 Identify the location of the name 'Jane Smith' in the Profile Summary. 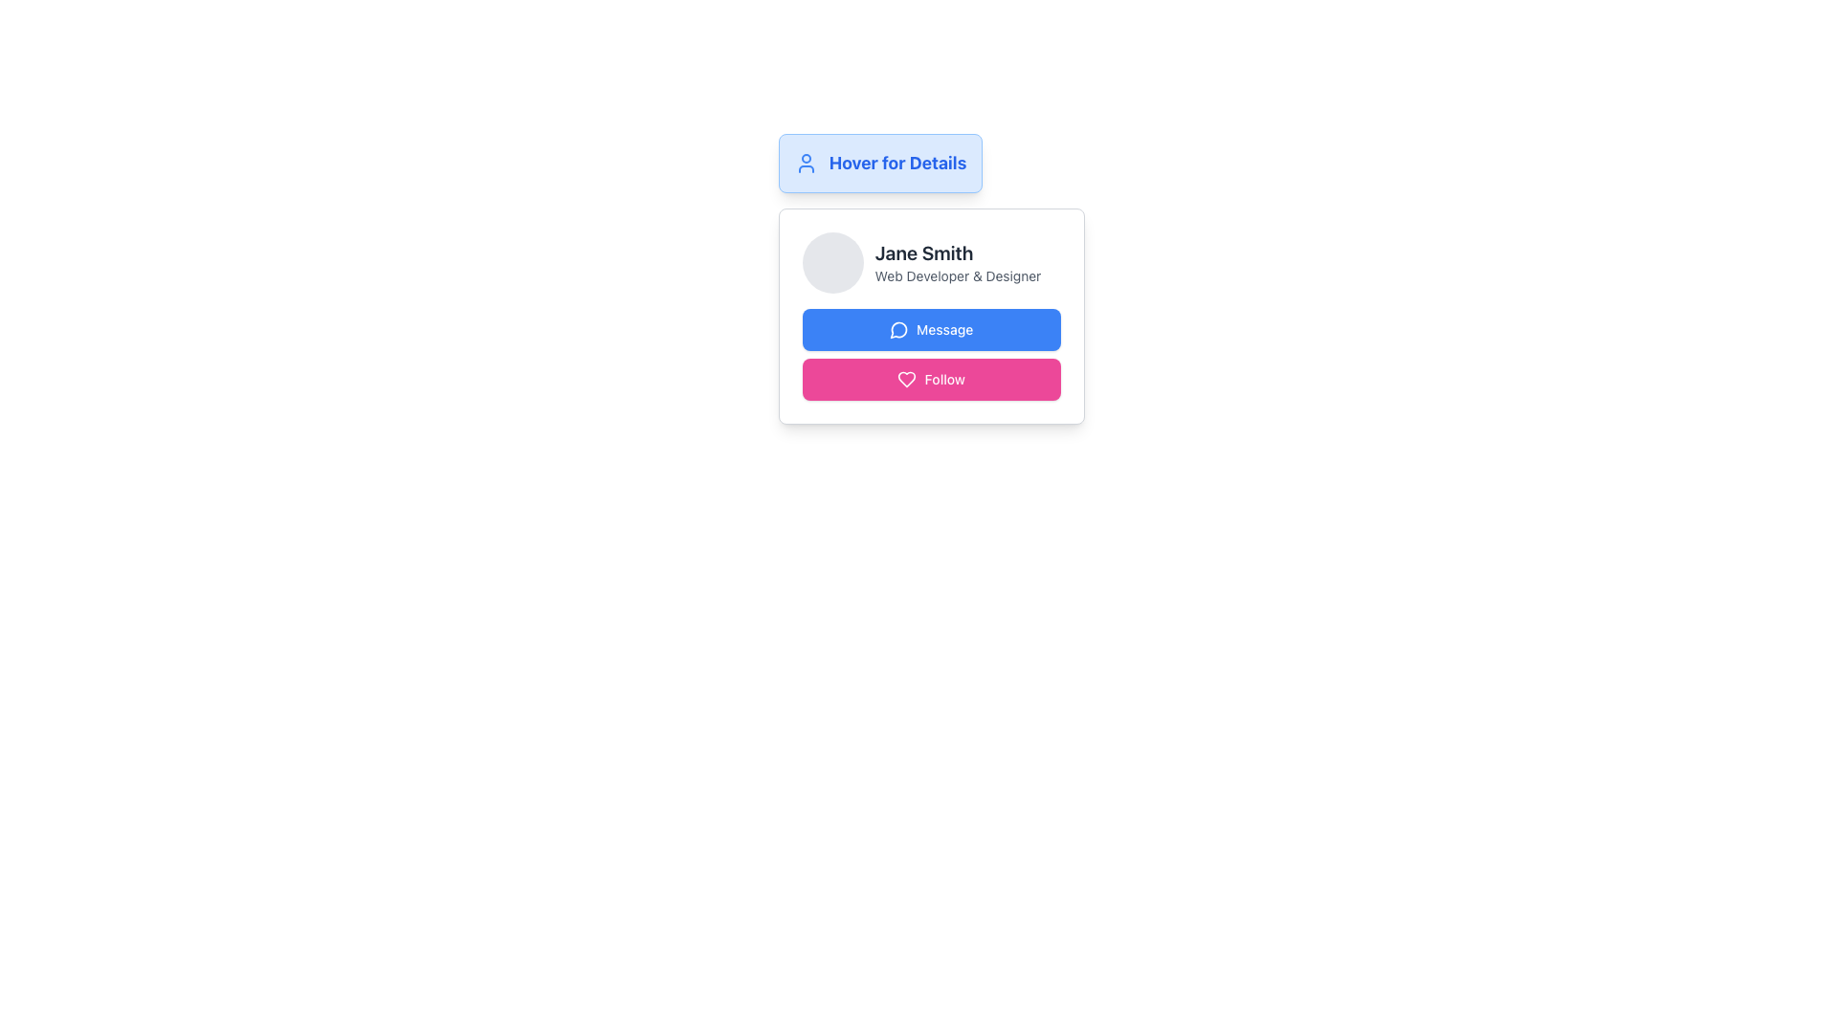
(931, 262).